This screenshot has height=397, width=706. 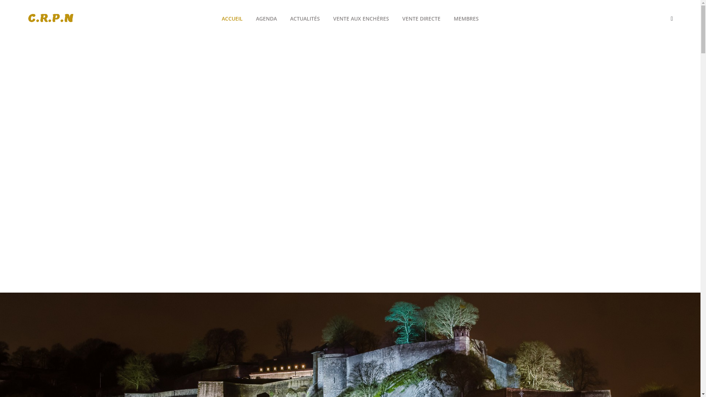 I want to click on 'ACCUEIL', so click(x=232, y=18).